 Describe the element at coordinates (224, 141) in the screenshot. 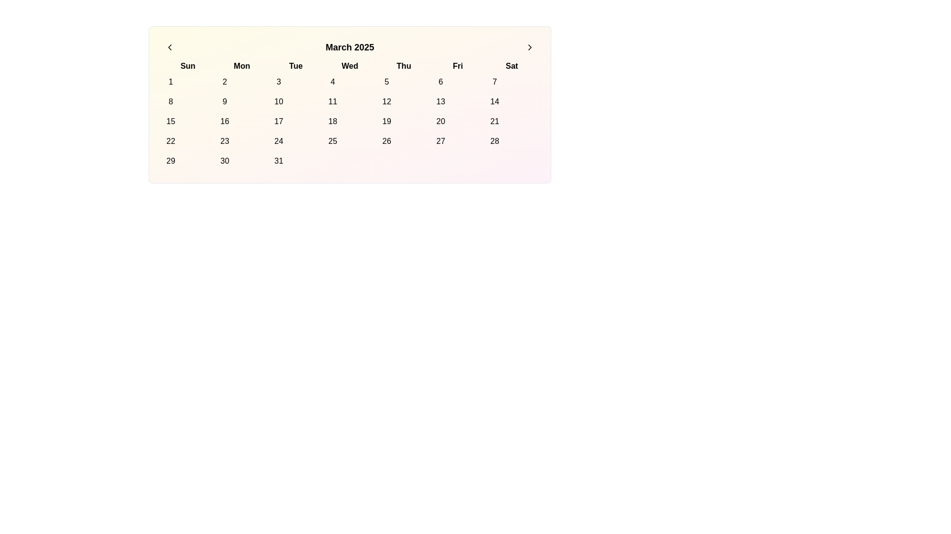

I see `the rounded button displaying the number '23' in the calendar grid` at that location.